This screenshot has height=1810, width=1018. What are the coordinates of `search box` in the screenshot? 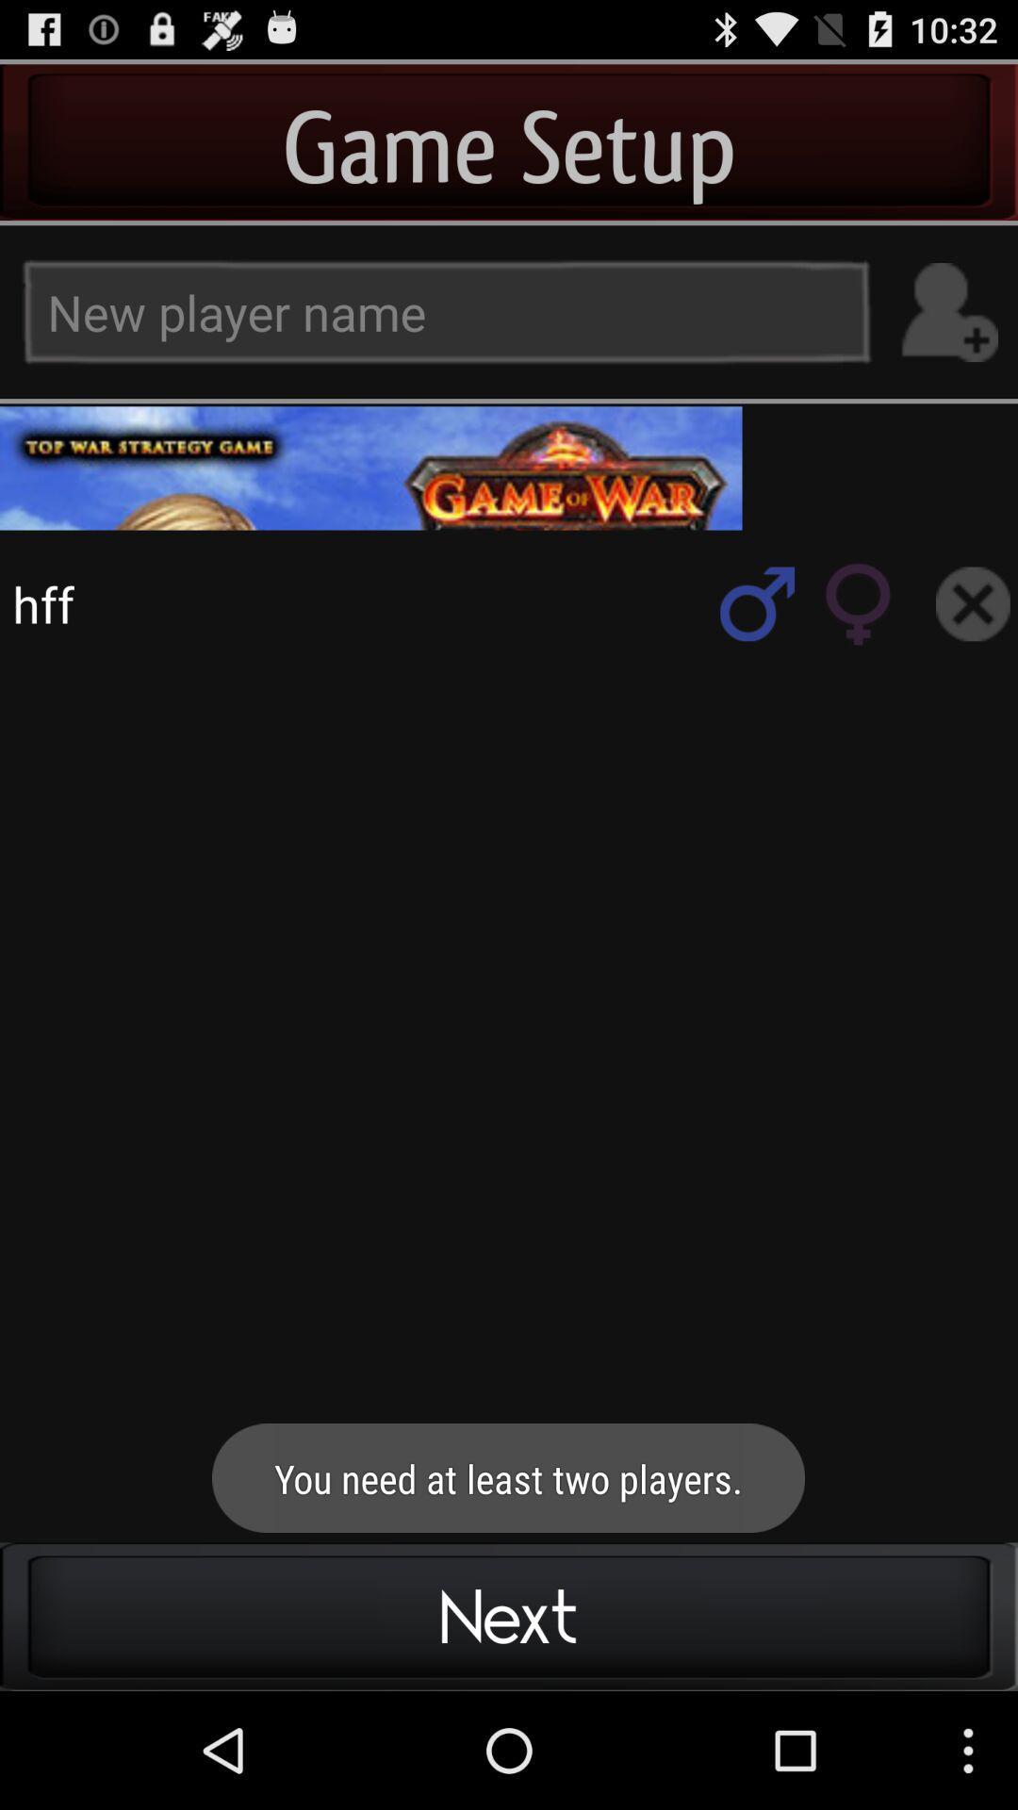 It's located at (973, 603).